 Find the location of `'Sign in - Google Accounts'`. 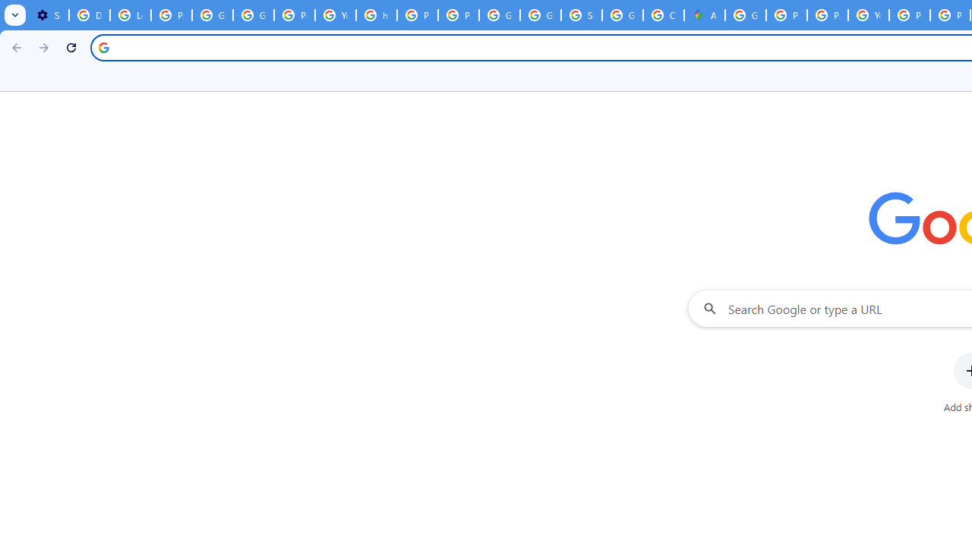

'Sign in - Google Accounts' is located at coordinates (581, 15).